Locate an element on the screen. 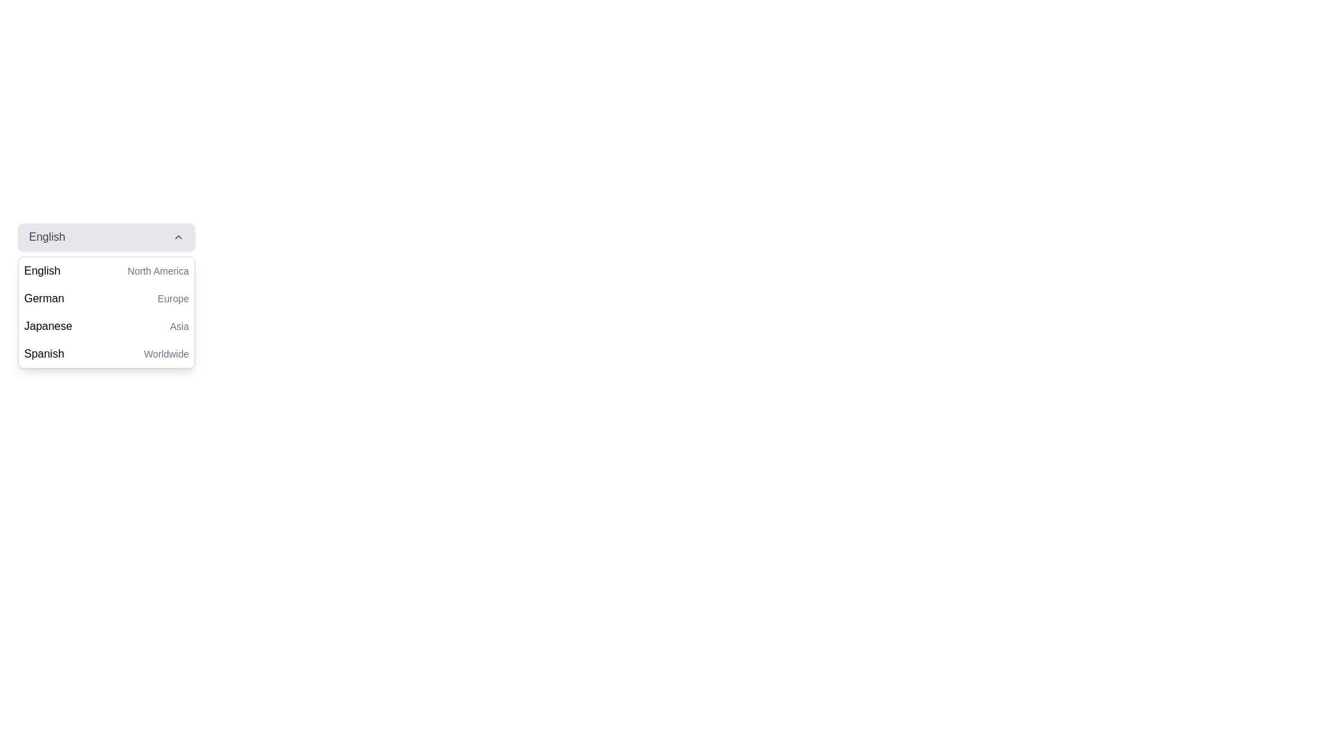 Image resolution: width=1329 pixels, height=747 pixels. the text option for selecting the Japanese language within the dropdown menu, which is the third item in the list, positioned above the Spanish option and below the German option is located at coordinates (48, 326).